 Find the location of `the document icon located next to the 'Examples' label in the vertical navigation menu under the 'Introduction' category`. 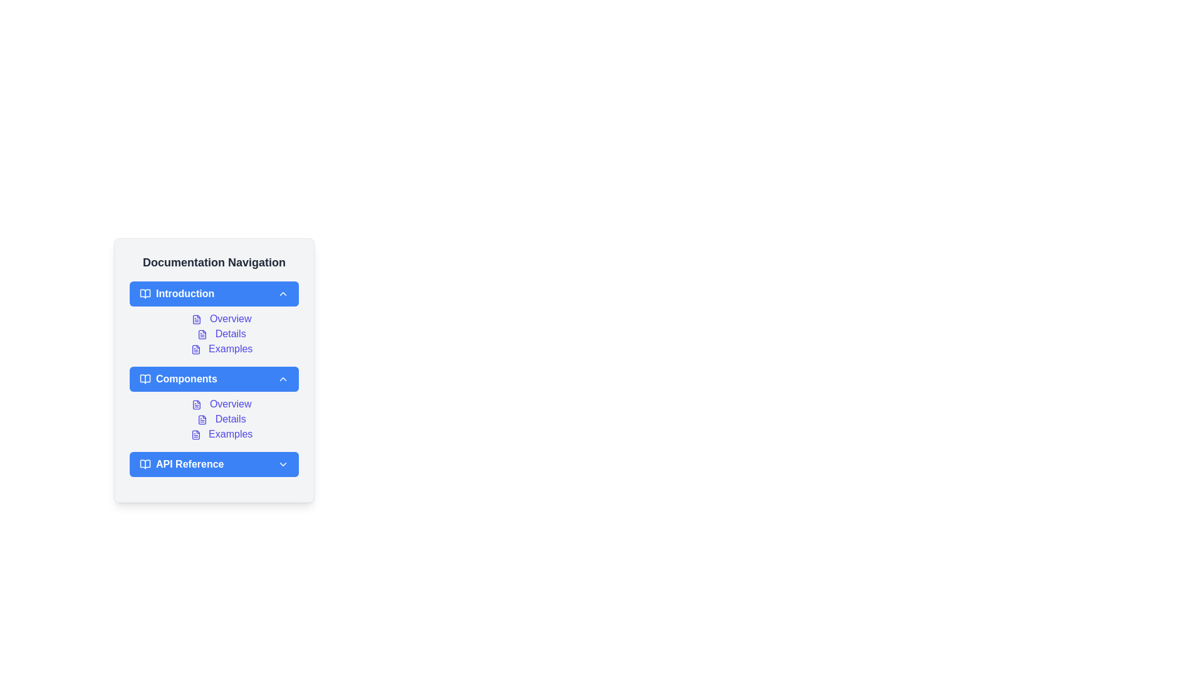

the document icon located next to the 'Examples' label in the vertical navigation menu under the 'Introduction' category is located at coordinates (195, 349).